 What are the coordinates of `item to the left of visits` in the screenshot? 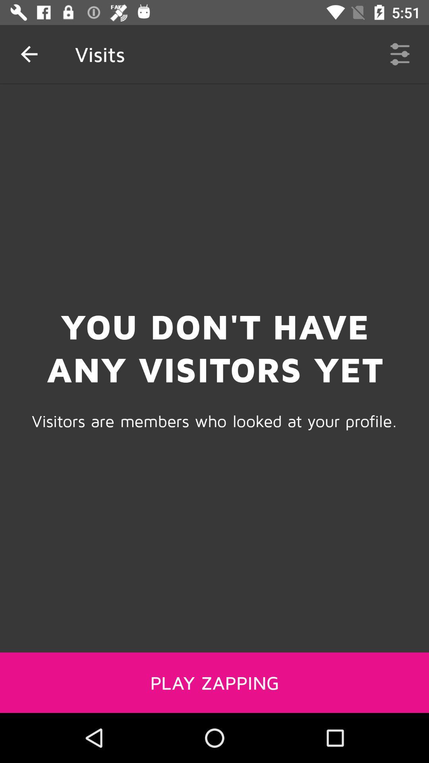 It's located at (29, 54).